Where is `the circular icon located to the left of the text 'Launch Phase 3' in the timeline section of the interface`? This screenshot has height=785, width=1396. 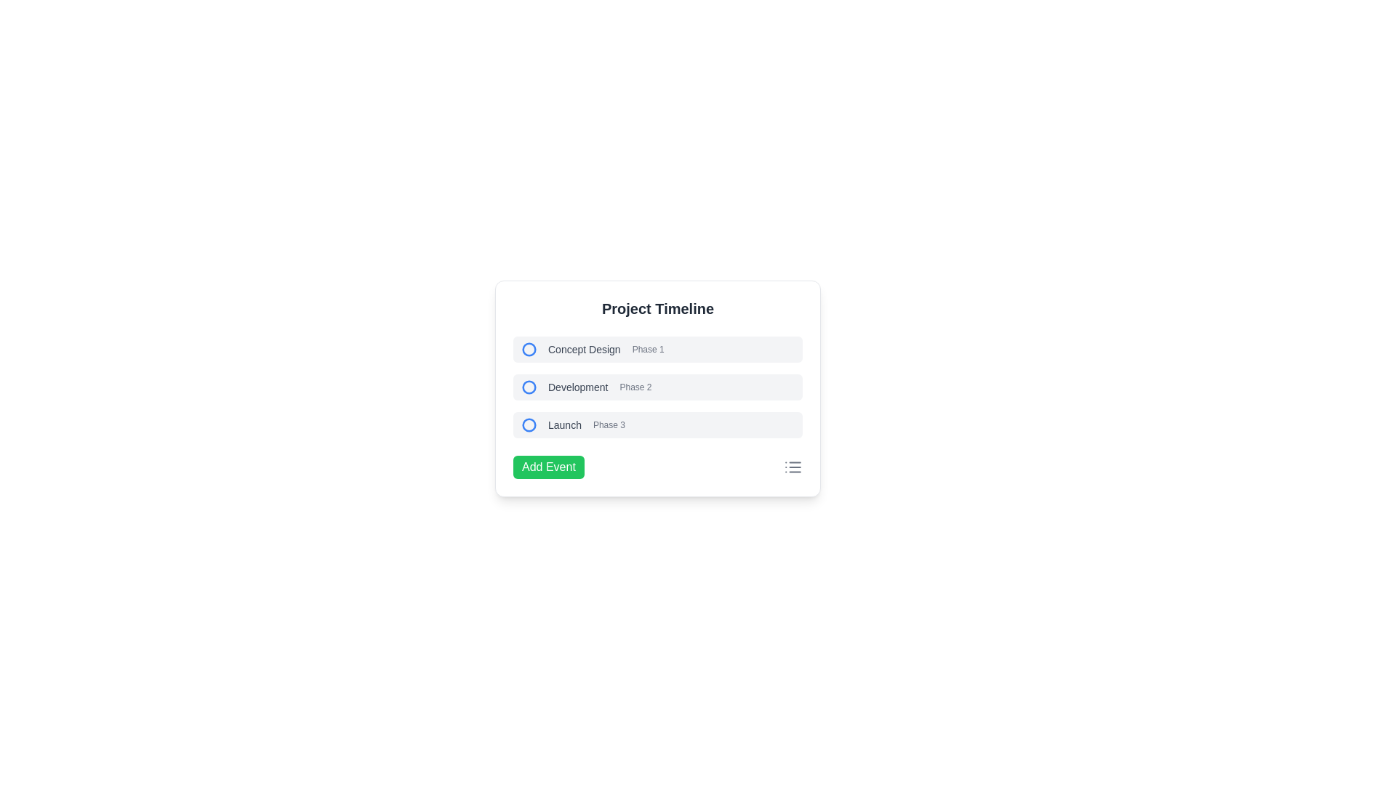
the circular icon located to the left of the text 'Launch Phase 3' in the timeline section of the interface is located at coordinates (529, 425).